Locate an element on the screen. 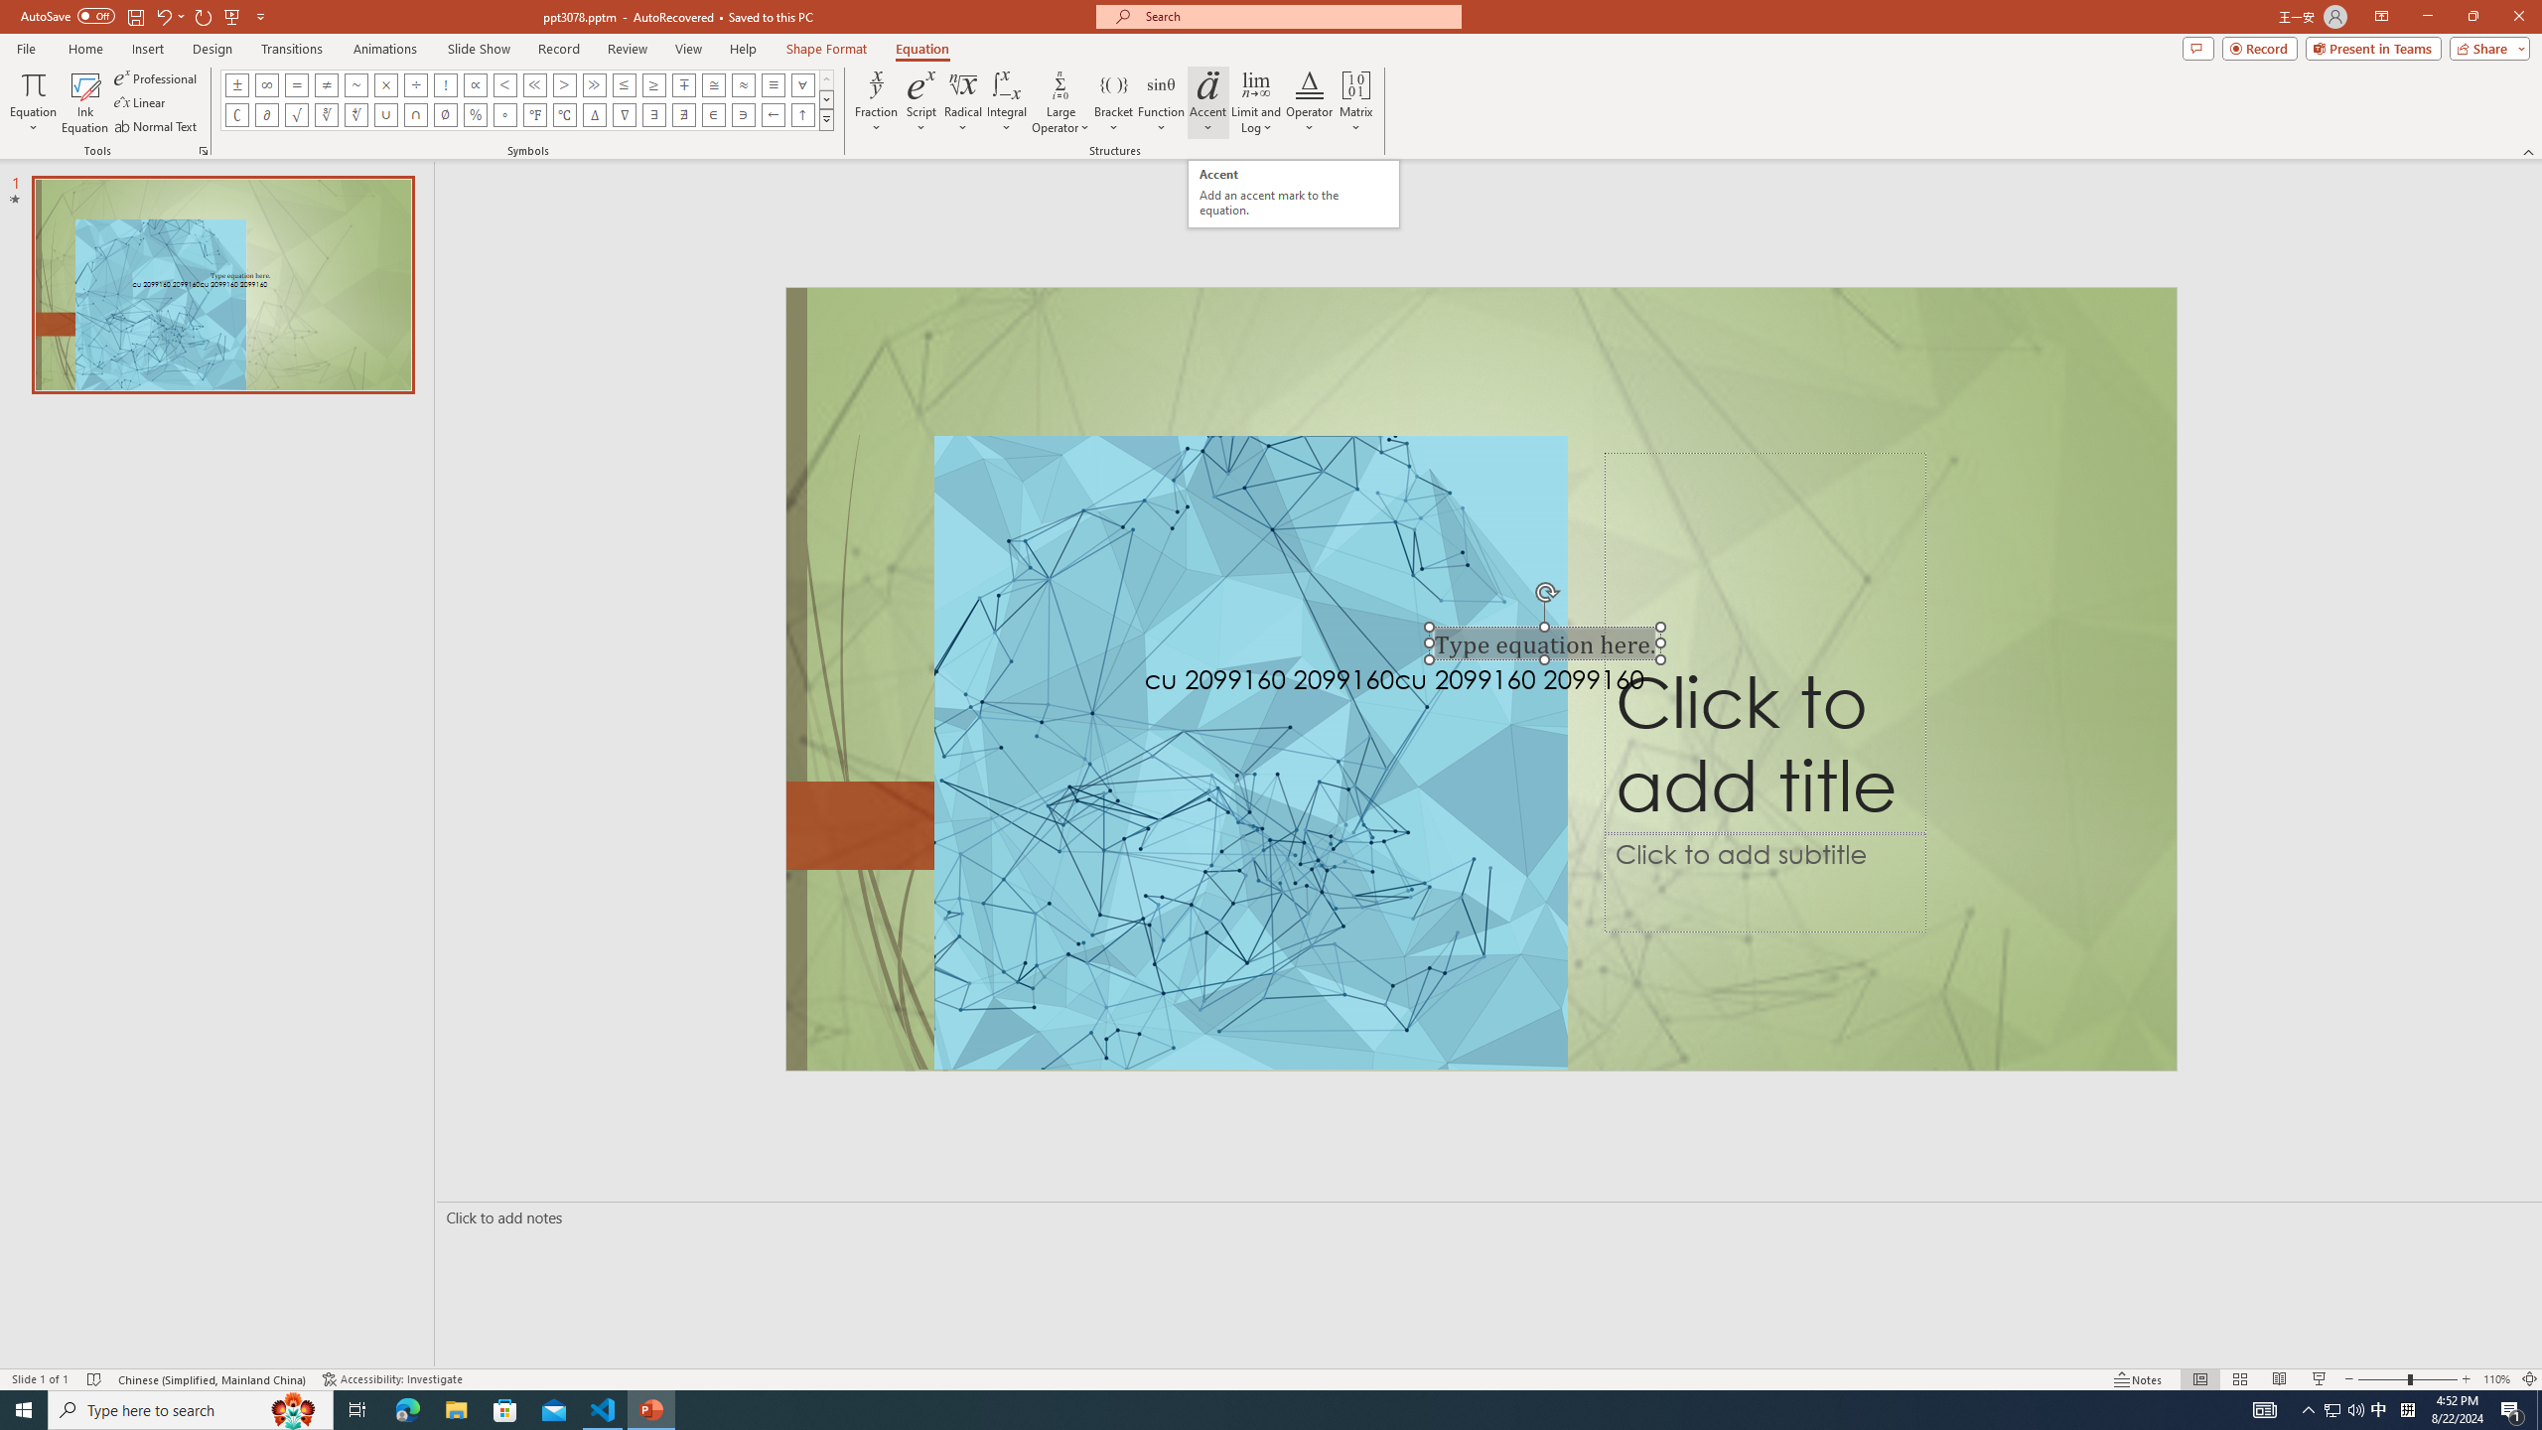 The width and height of the screenshot is (2542, 1430). 'Ink Equation' is located at coordinates (84, 102).